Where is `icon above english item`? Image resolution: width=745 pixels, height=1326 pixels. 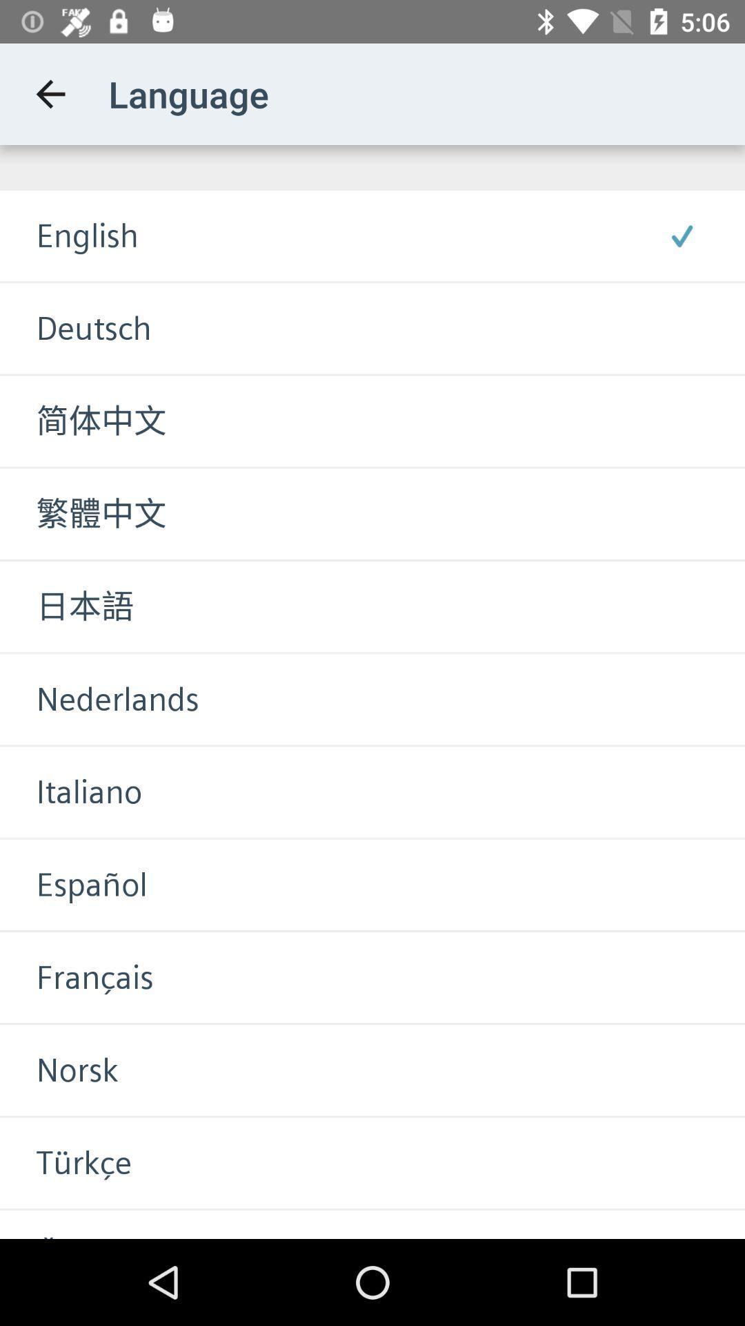
icon above english item is located at coordinates (50, 93).